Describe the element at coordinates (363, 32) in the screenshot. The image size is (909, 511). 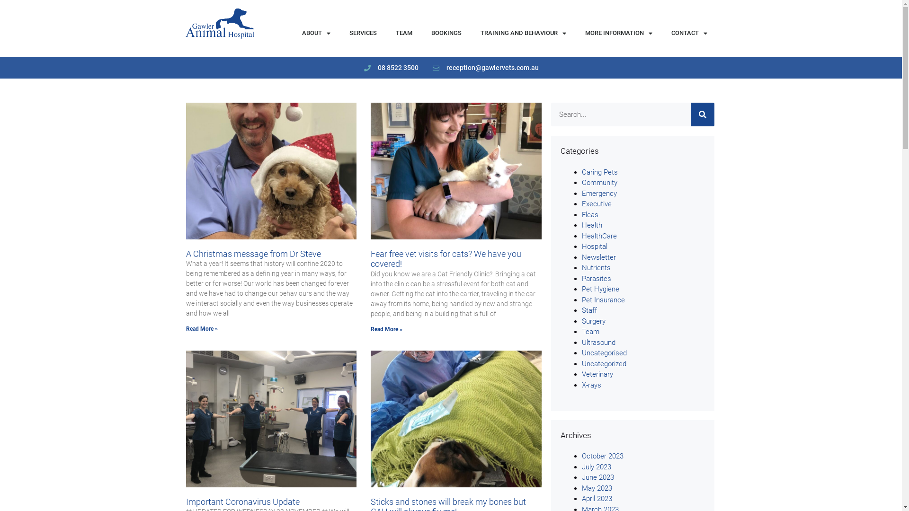
I see `'SERVICES'` at that location.